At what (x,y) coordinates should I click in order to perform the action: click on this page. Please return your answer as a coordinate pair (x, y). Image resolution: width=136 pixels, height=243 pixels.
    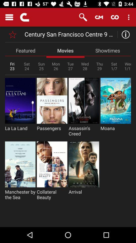
    Looking at the image, I should click on (13, 34).